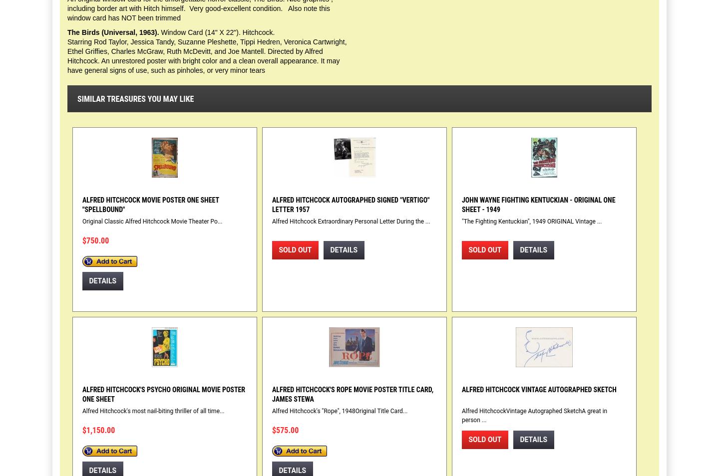 This screenshot has width=719, height=476. What do you see at coordinates (340, 411) in the screenshot?
I see `'Alfred Hitchcock's "Rope", 1948Original Title Card...'` at bounding box center [340, 411].